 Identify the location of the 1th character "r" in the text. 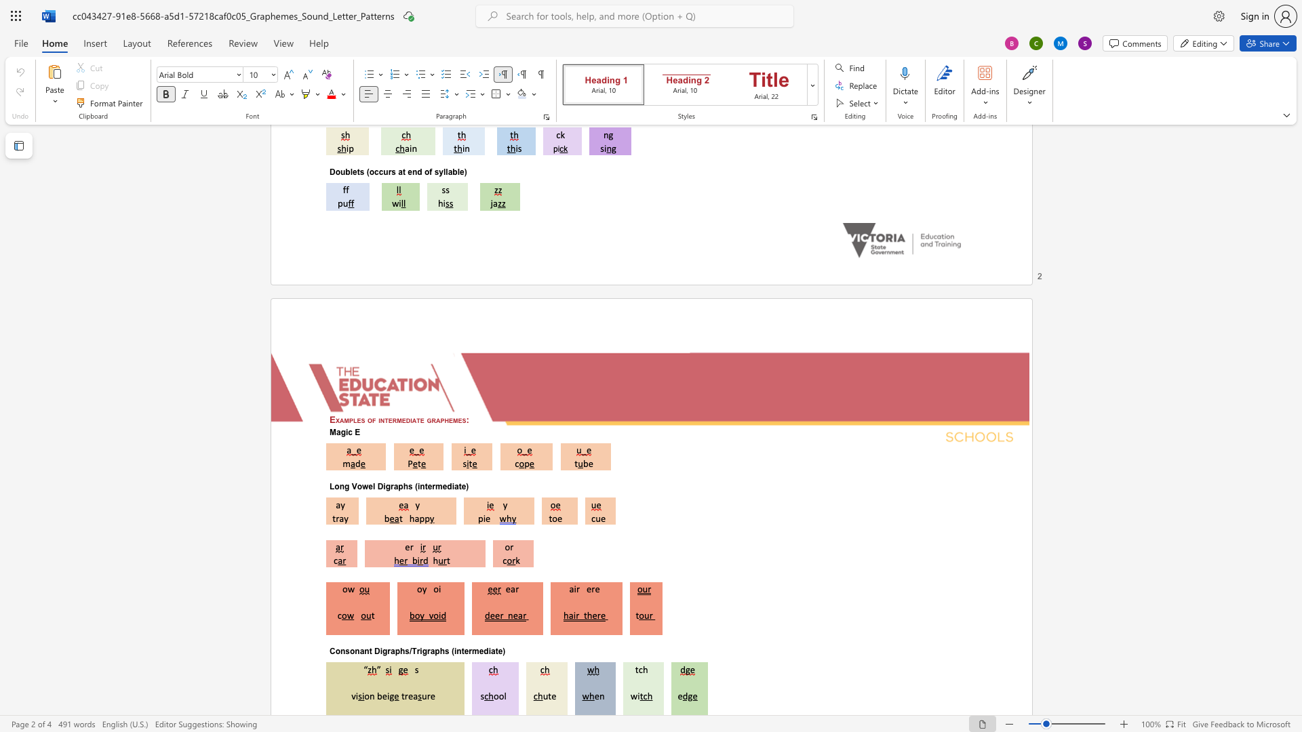
(388, 650).